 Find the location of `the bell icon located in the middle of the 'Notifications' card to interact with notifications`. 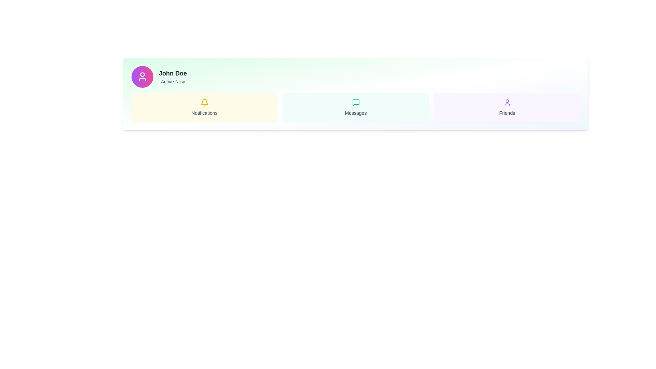

the bell icon located in the middle of the 'Notifications' card to interact with notifications is located at coordinates (204, 102).